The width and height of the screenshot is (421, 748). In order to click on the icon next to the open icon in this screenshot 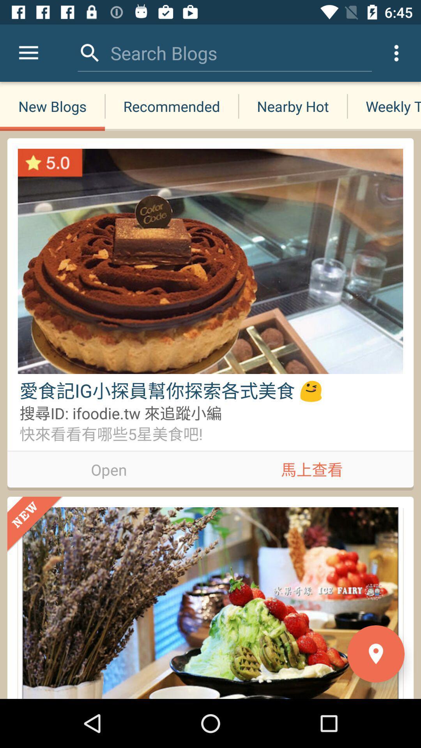, I will do `click(311, 467)`.